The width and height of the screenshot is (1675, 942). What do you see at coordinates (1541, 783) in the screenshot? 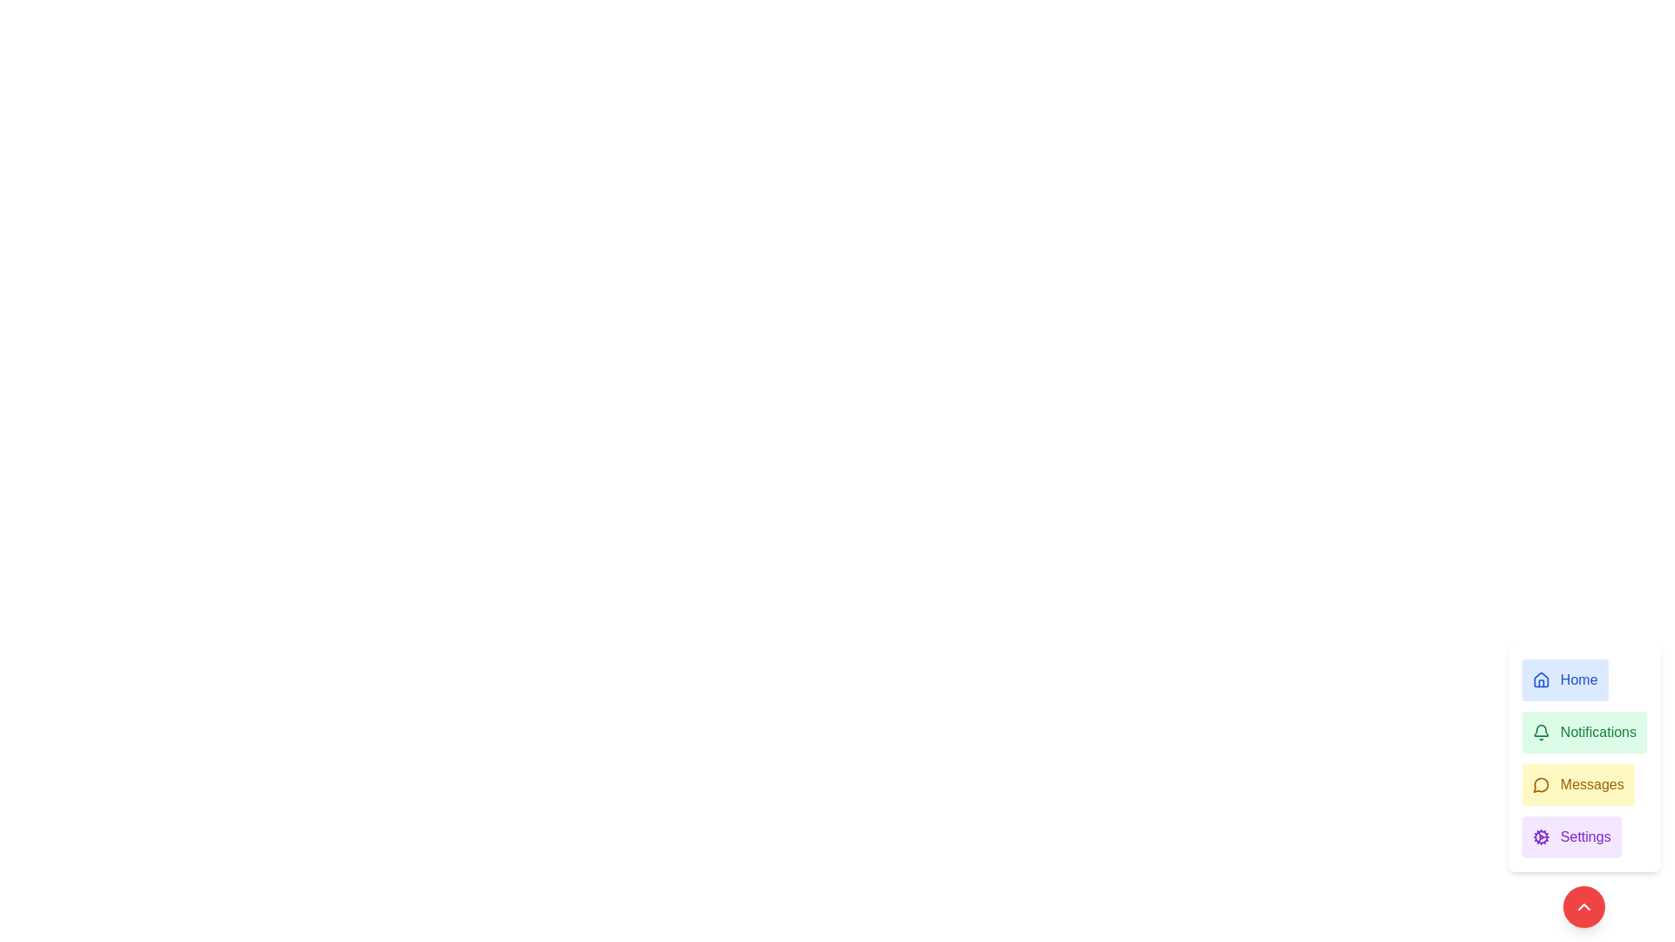
I see `the messaging icon resembling a speech bubble with a tail, located` at bounding box center [1541, 783].